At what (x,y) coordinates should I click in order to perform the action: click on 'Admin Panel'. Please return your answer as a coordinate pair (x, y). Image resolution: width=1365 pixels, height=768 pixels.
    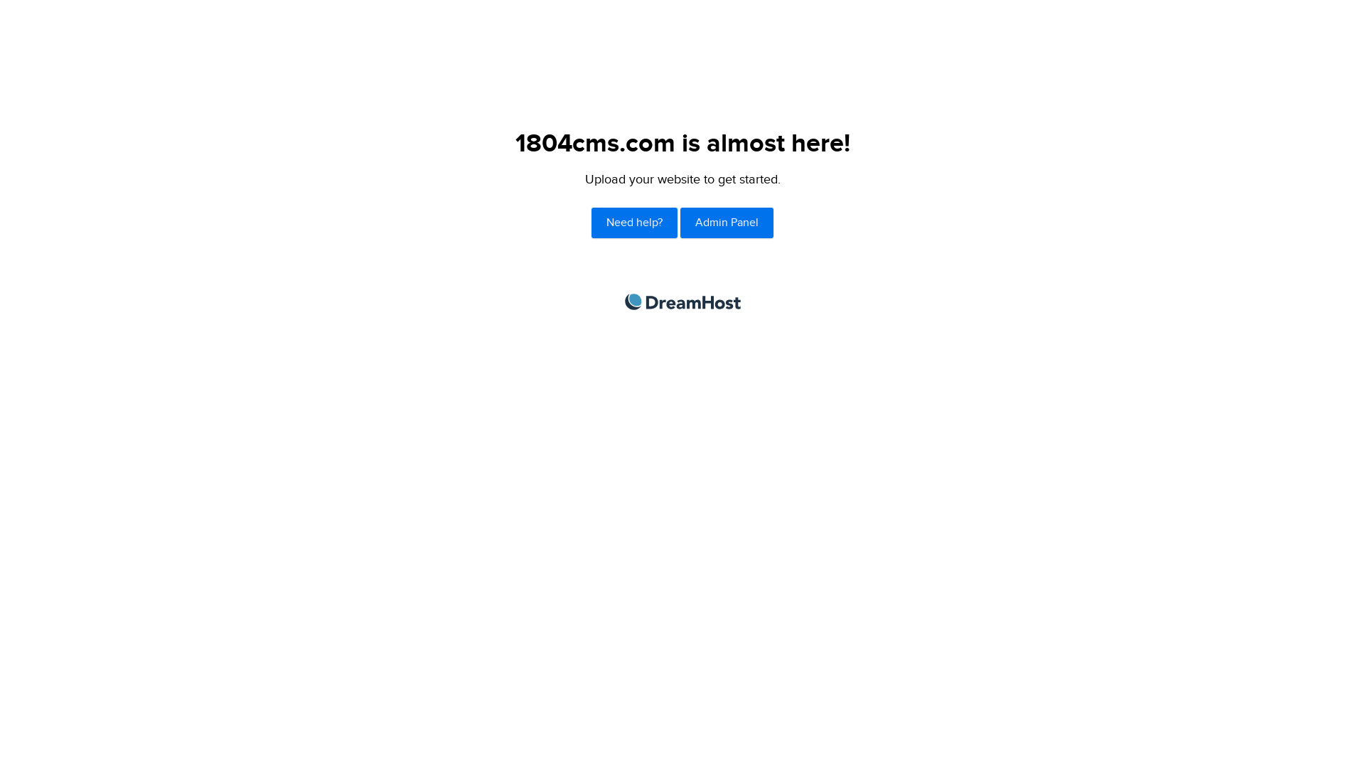
    Looking at the image, I should click on (727, 223).